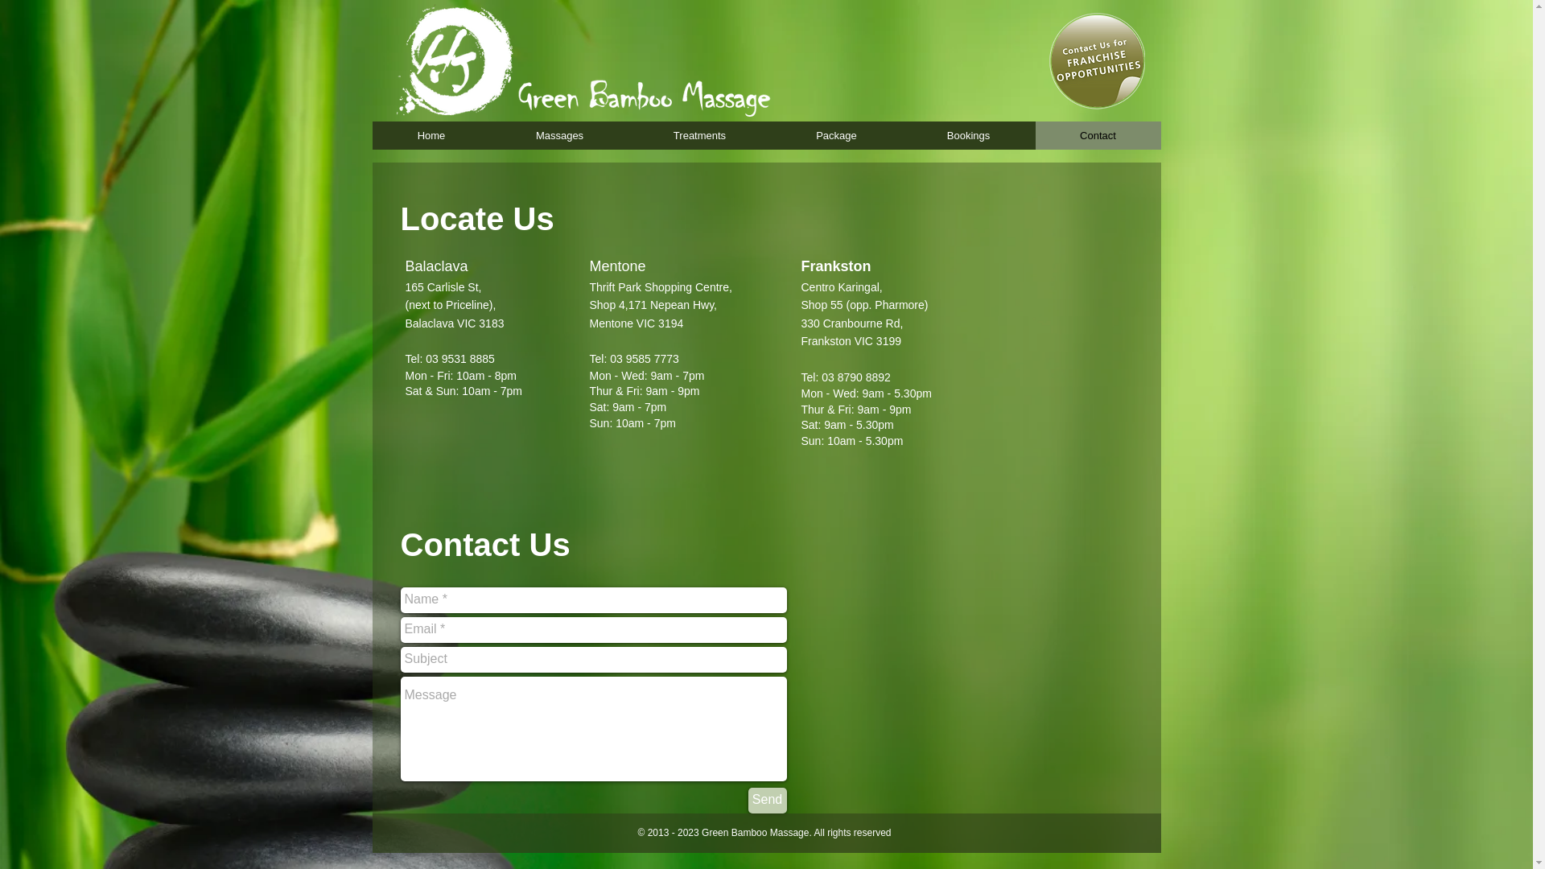  What do you see at coordinates (1035, 134) in the screenshot?
I see `'Contact'` at bounding box center [1035, 134].